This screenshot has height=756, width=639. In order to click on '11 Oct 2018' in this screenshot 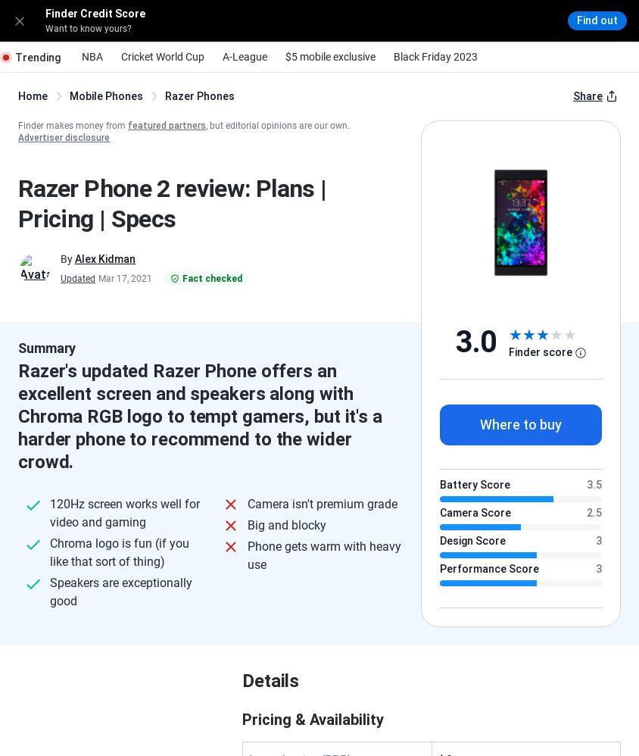, I will do `click(331, 276)`.